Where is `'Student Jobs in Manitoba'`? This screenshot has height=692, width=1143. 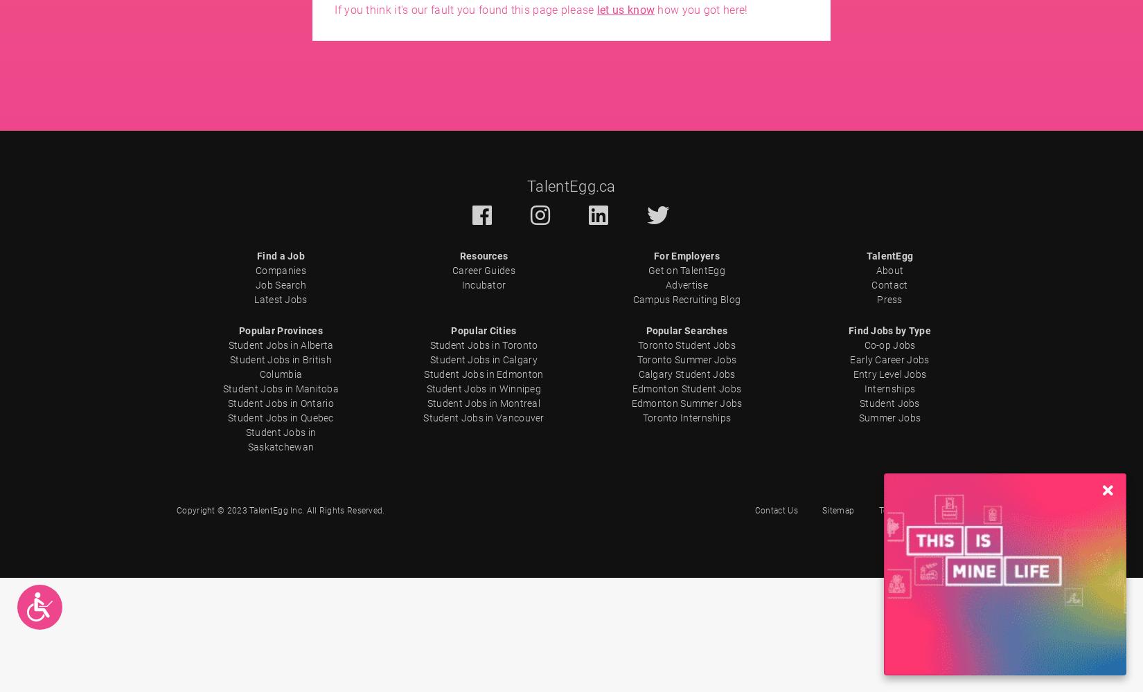 'Student Jobs in Manitoba' is located at coordinates (281, 389).